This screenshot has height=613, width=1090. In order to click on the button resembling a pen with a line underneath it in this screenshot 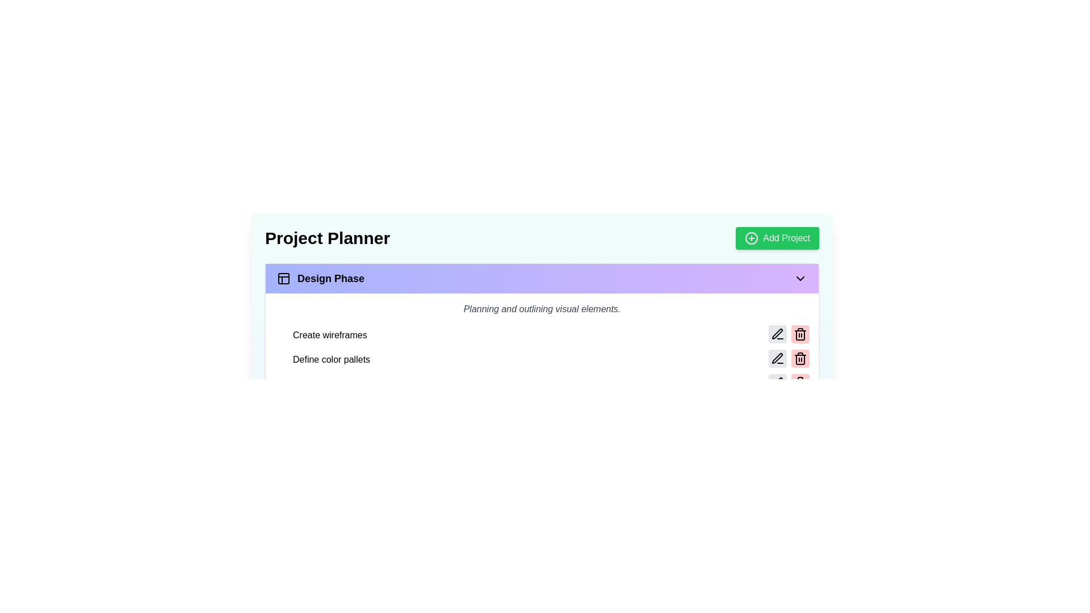, I will do `click(777, 359)`.